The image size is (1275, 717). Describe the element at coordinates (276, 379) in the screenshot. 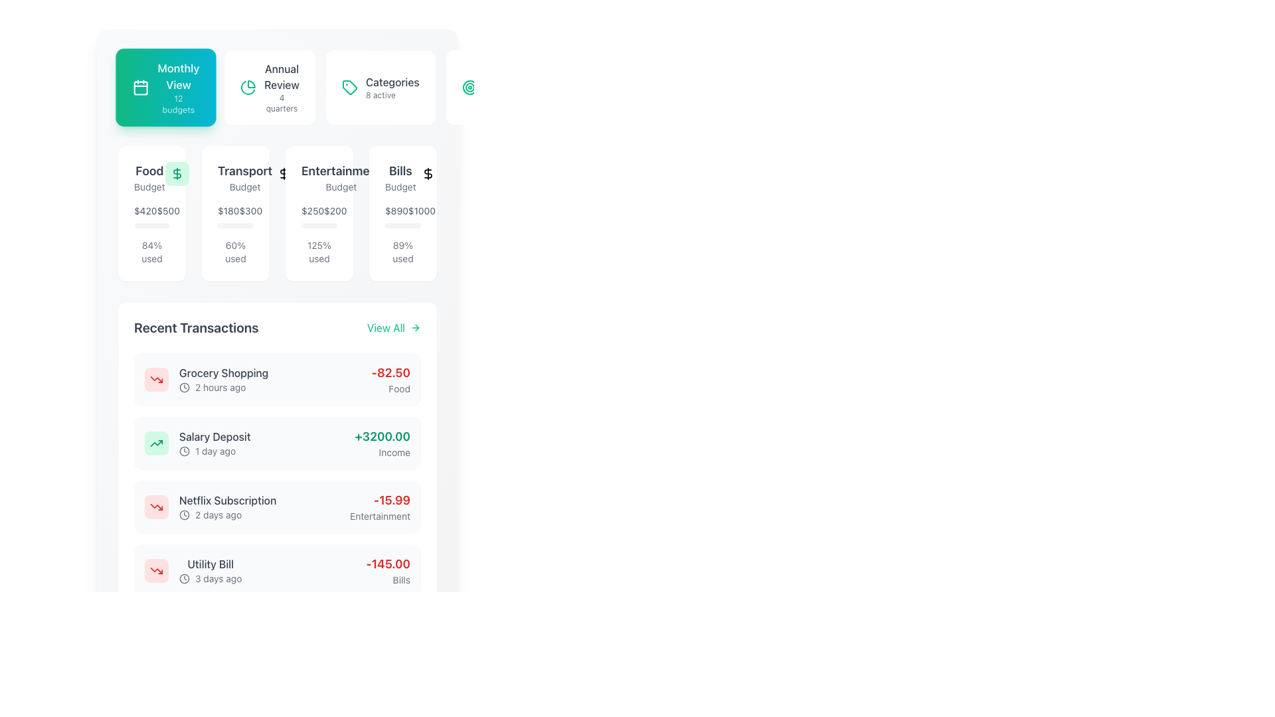

I see `the first transaction item labeled 'Grocery Shopping' in the 'Recent Transactions' section` at that location.